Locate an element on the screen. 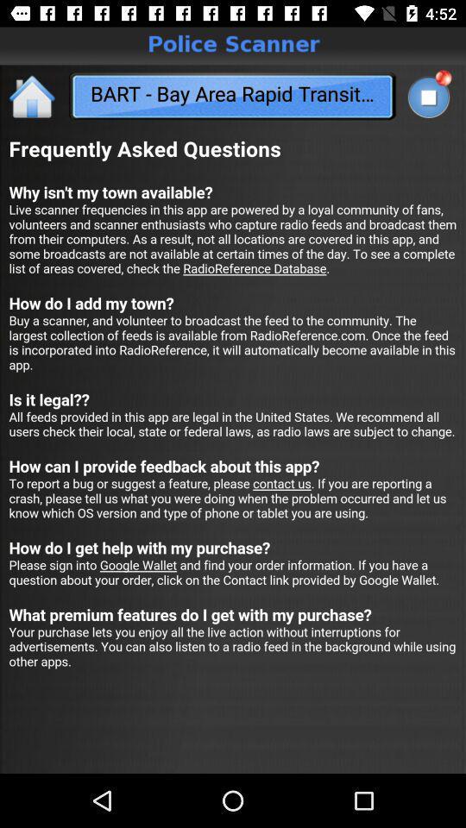 The height and width of the screenshot is (828, 466). previous is located at coordinates (33, 96).